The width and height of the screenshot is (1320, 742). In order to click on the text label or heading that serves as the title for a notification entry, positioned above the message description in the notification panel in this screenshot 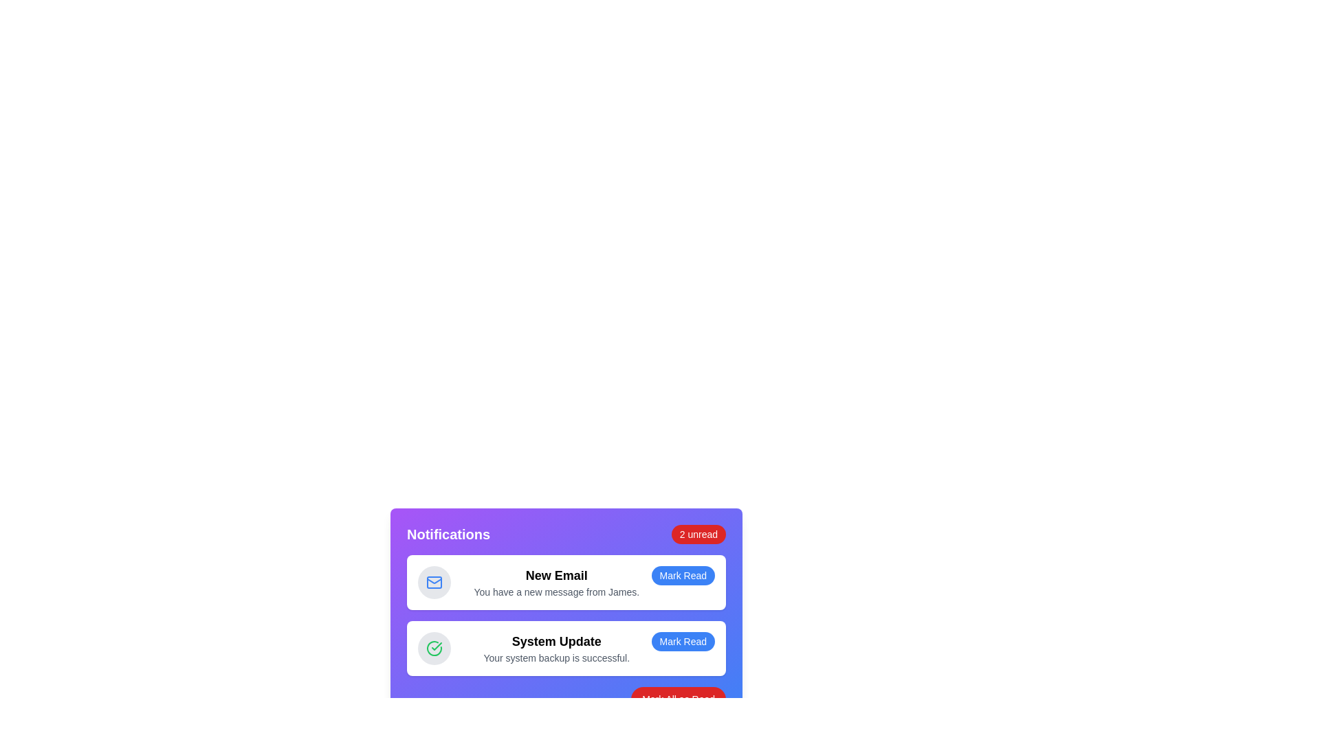, I will do `click(556, 575)`.